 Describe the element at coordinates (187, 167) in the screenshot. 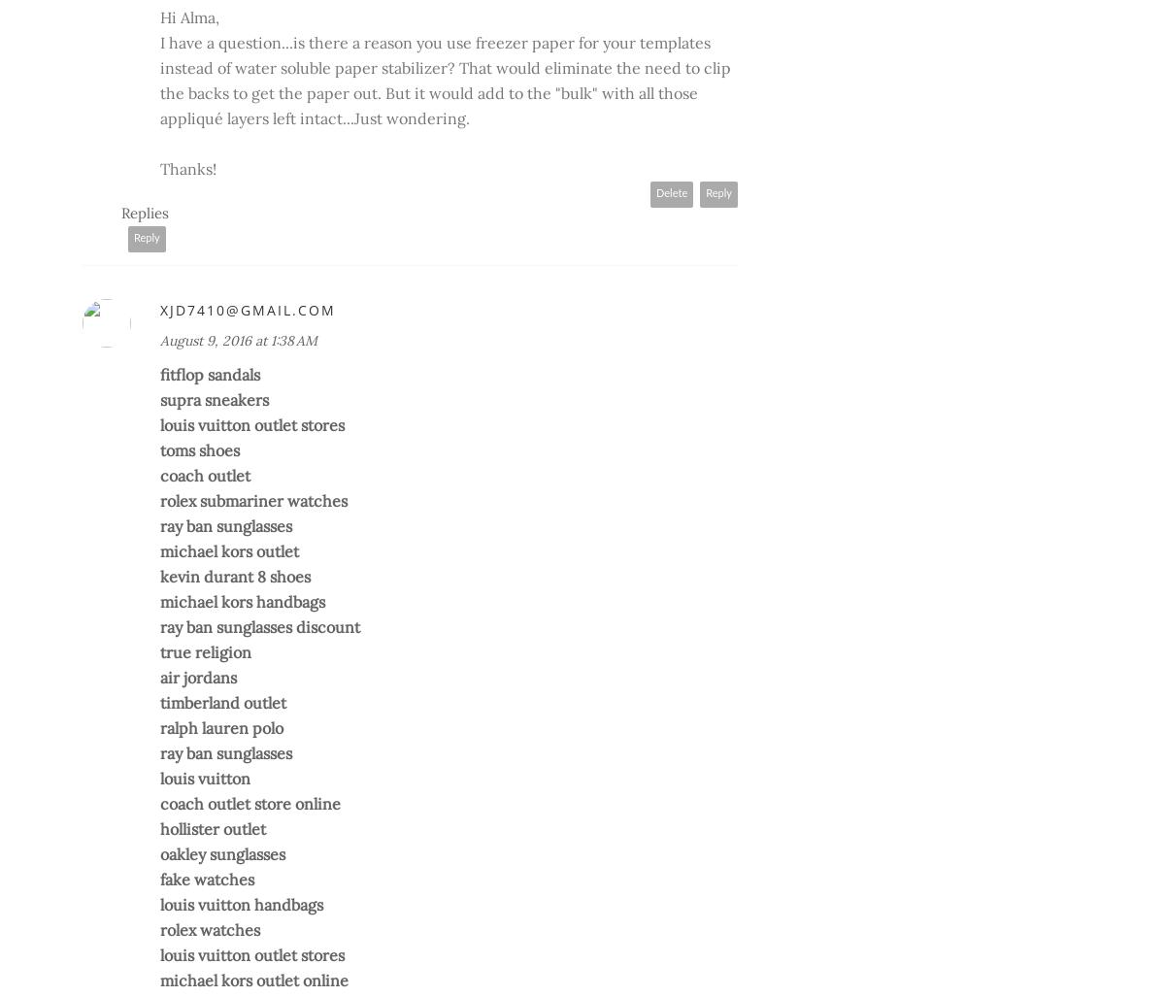

I see `'Thanks!'` at that location.